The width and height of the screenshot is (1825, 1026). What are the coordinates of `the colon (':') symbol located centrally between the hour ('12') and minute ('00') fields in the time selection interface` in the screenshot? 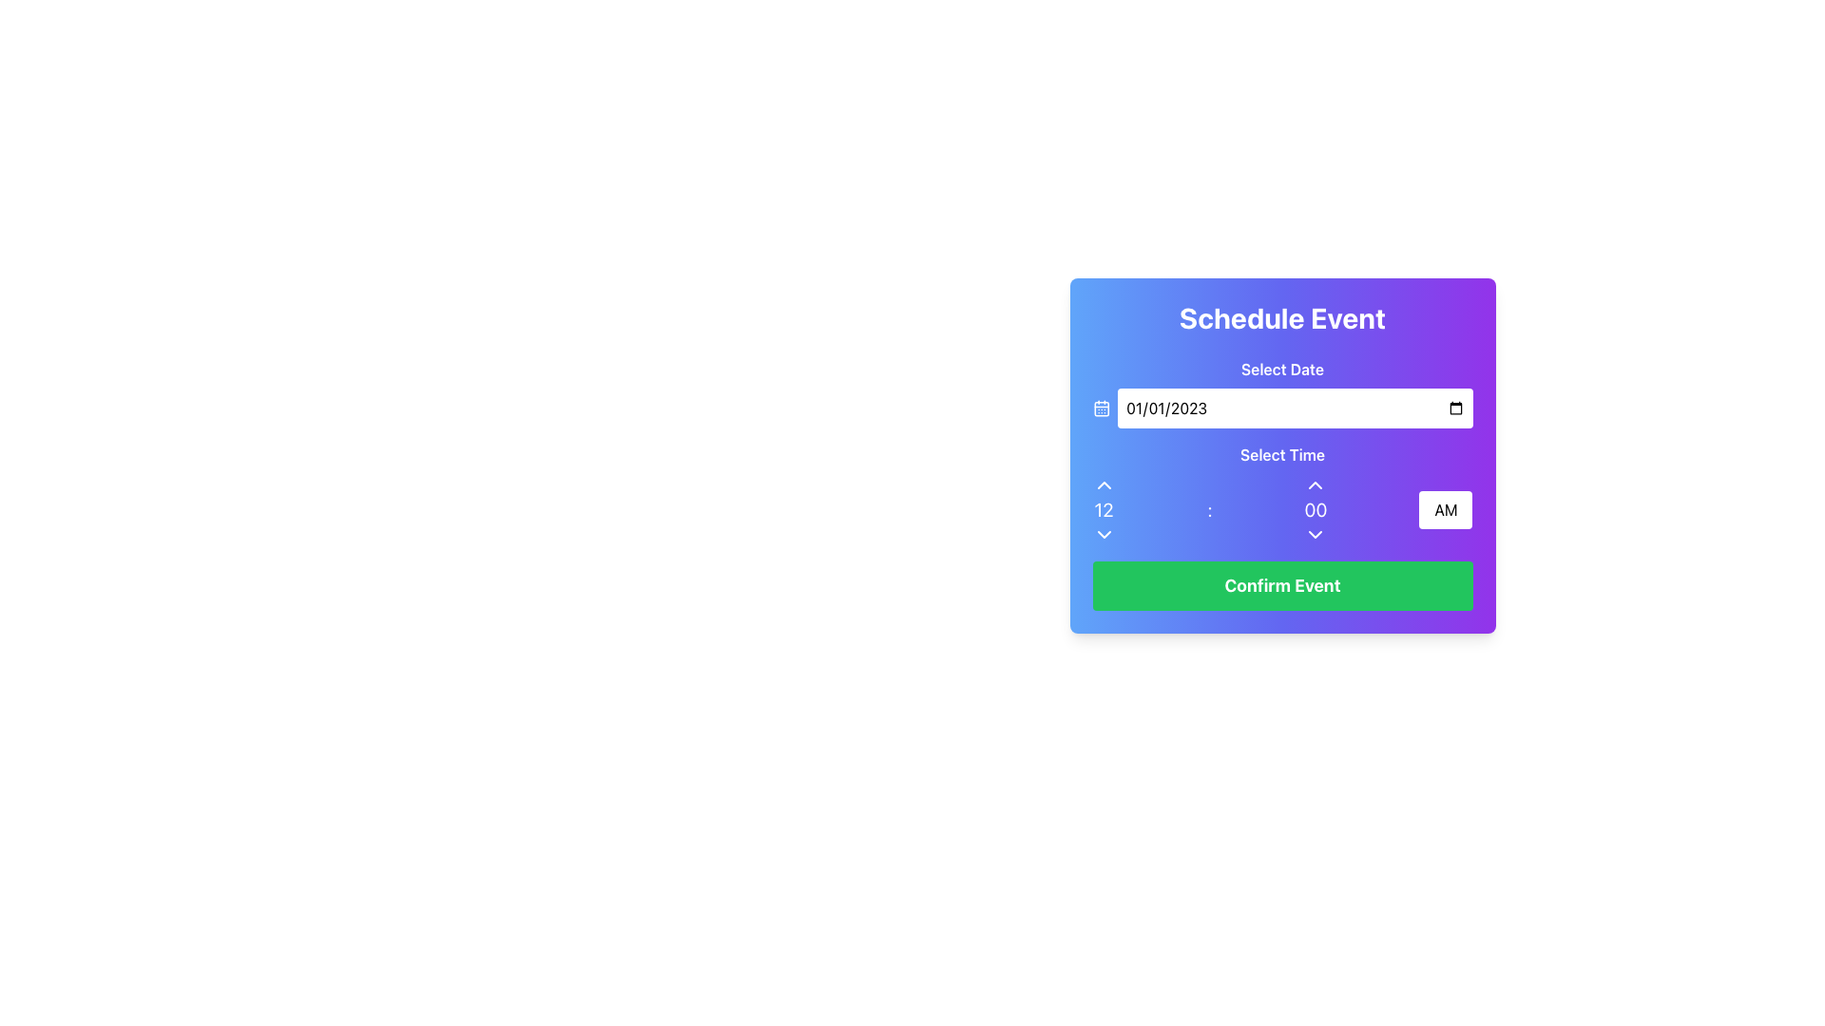 It's located at (1282, 508).